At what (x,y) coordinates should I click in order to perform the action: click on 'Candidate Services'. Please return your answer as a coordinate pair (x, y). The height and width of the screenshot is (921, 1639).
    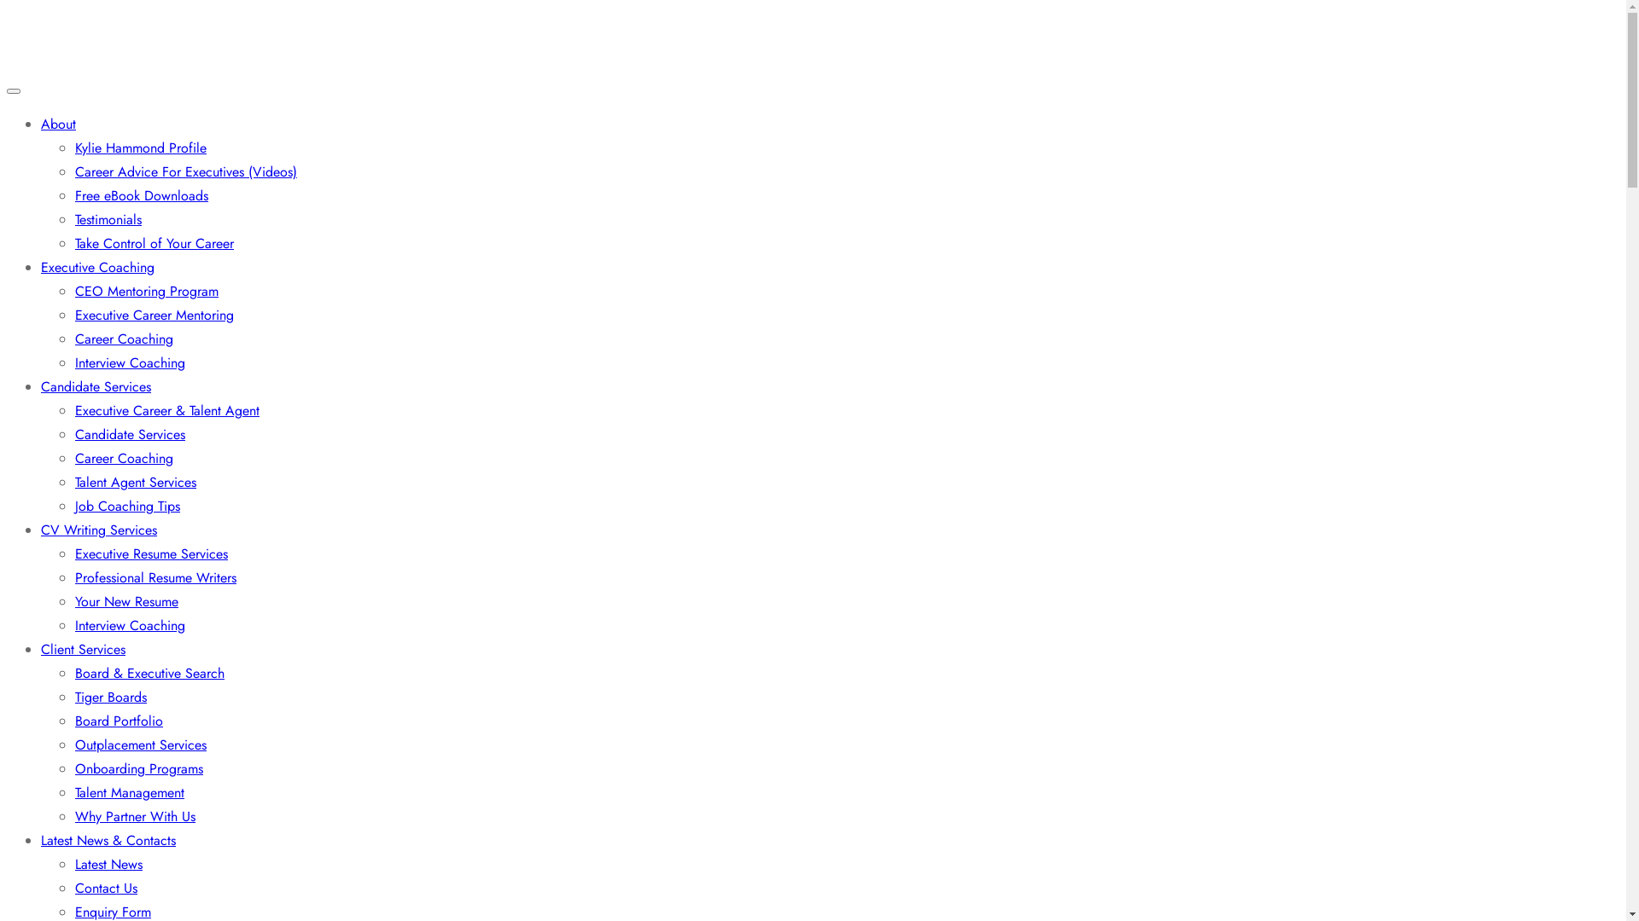
    Looking at the image, I should click on (95, 386).